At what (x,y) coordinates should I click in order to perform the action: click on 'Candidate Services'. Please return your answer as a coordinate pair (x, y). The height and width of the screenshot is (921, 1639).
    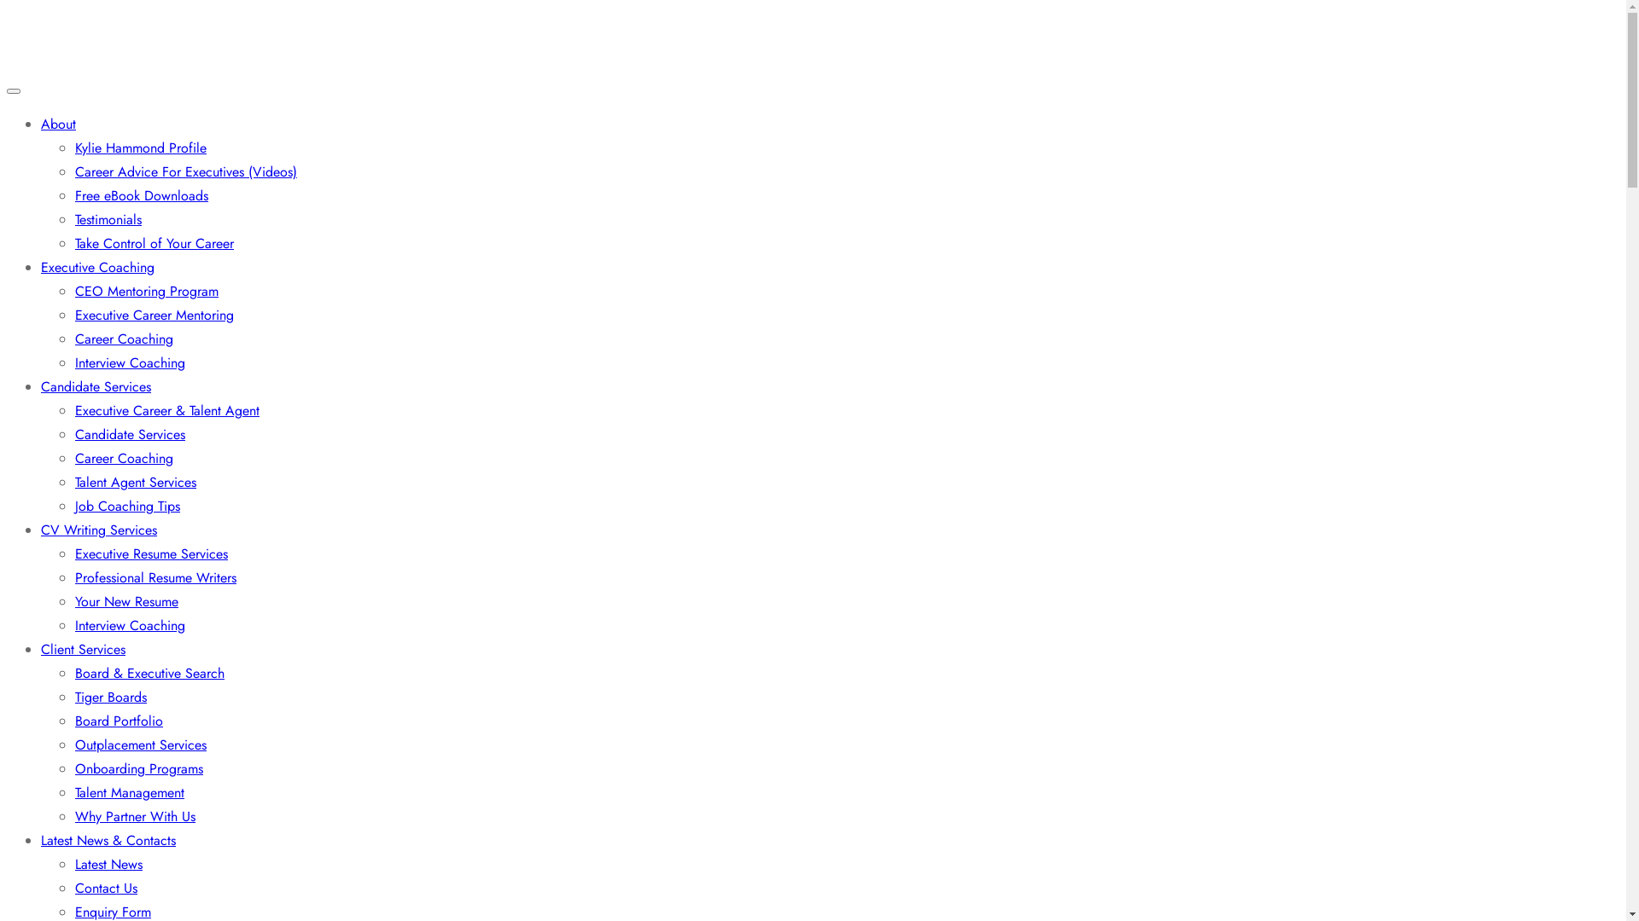
    Looking at the image, I should click on (95, 386).